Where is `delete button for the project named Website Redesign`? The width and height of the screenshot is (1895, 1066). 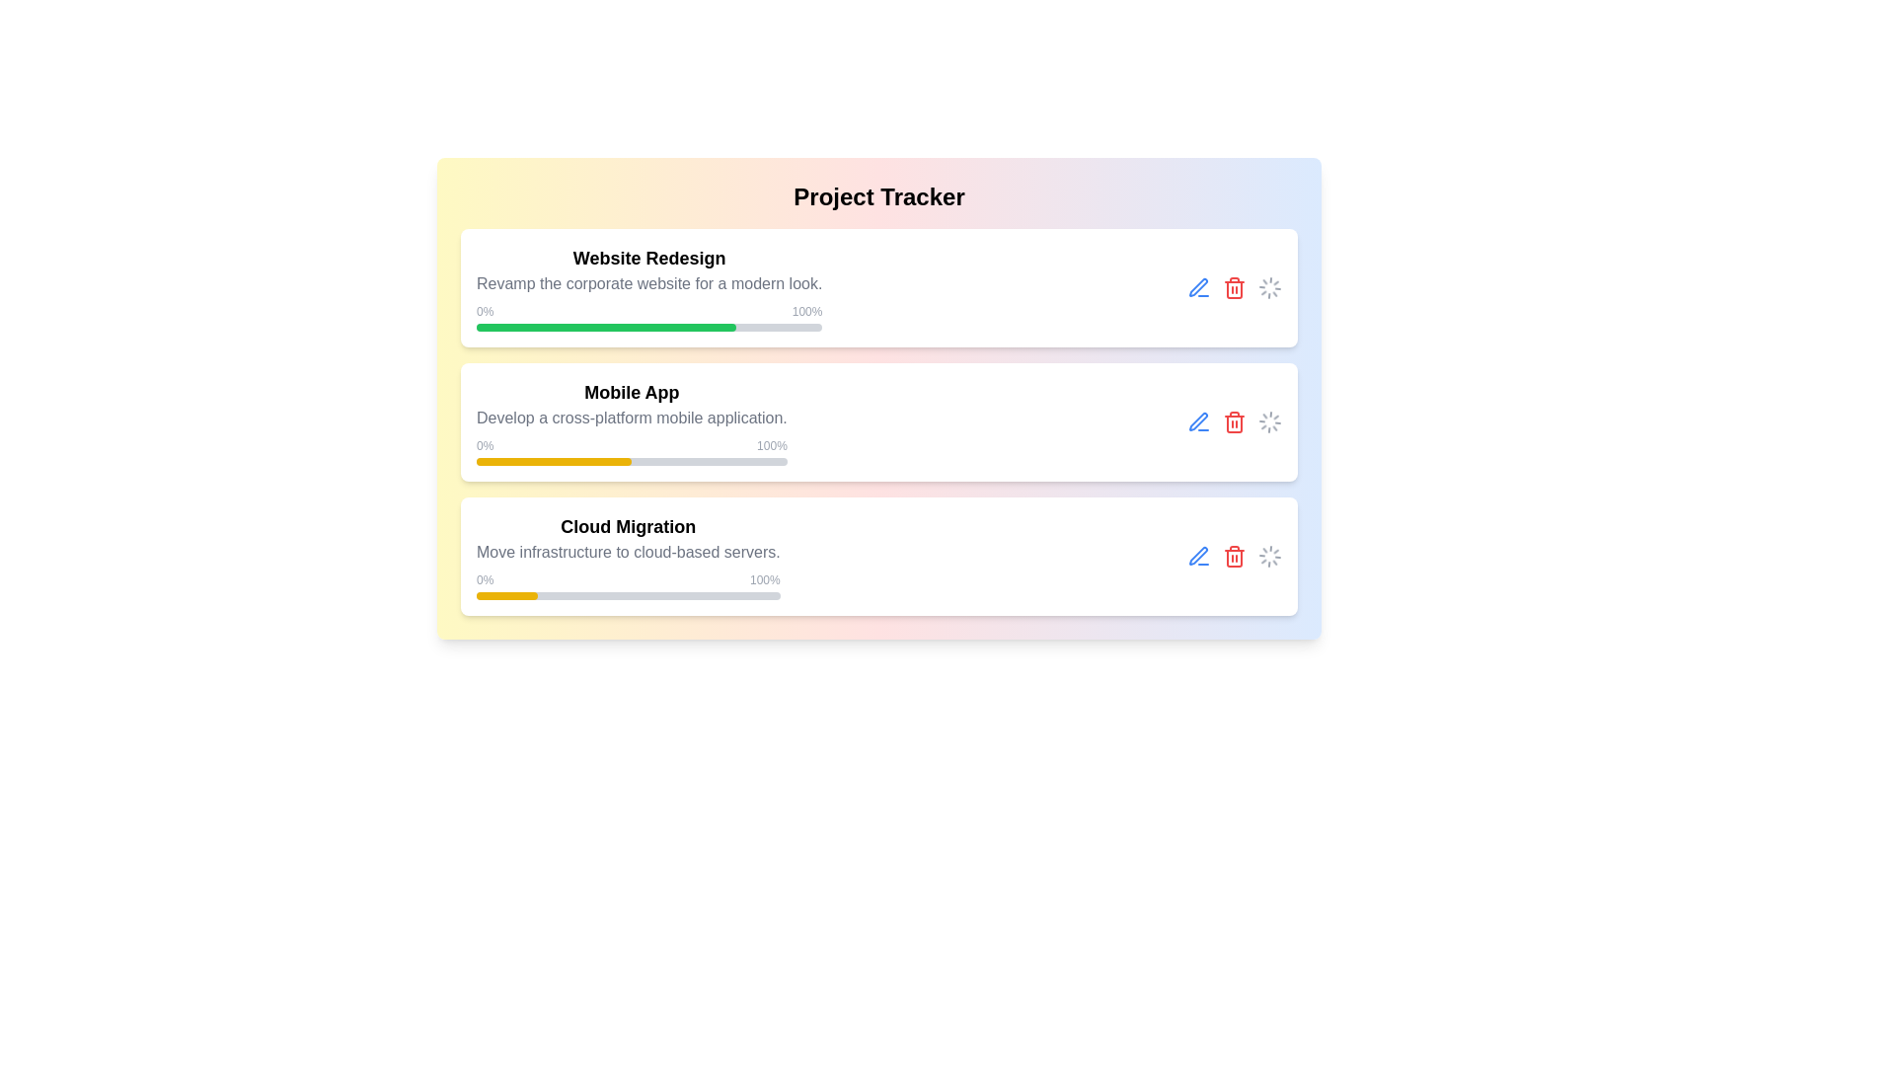
delete button for the project named Website Redesign is located at coordinates (1234, 288).